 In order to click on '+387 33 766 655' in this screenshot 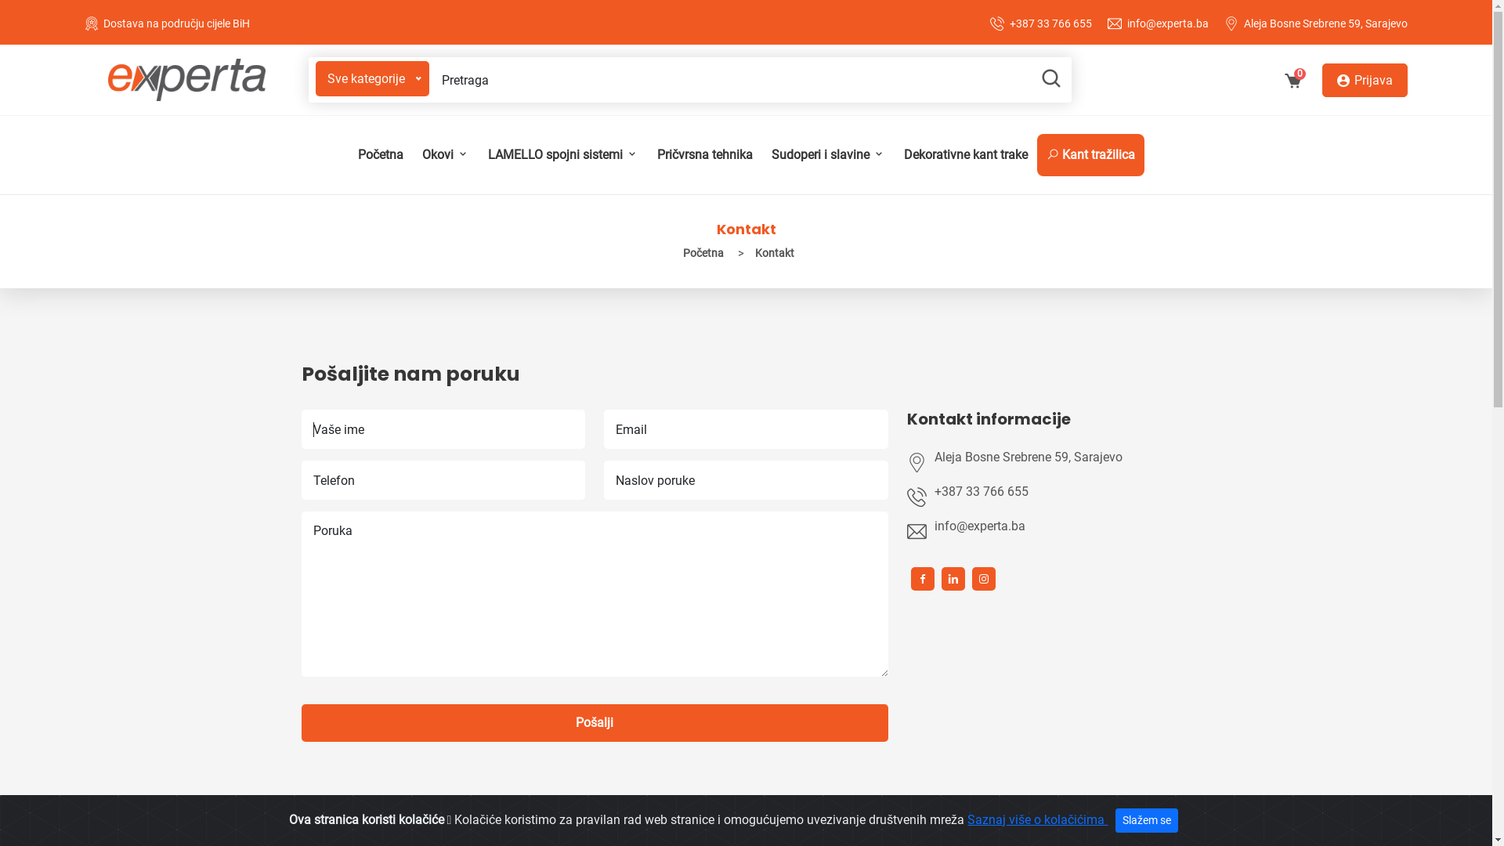, I will do `click(1050, 23)`.